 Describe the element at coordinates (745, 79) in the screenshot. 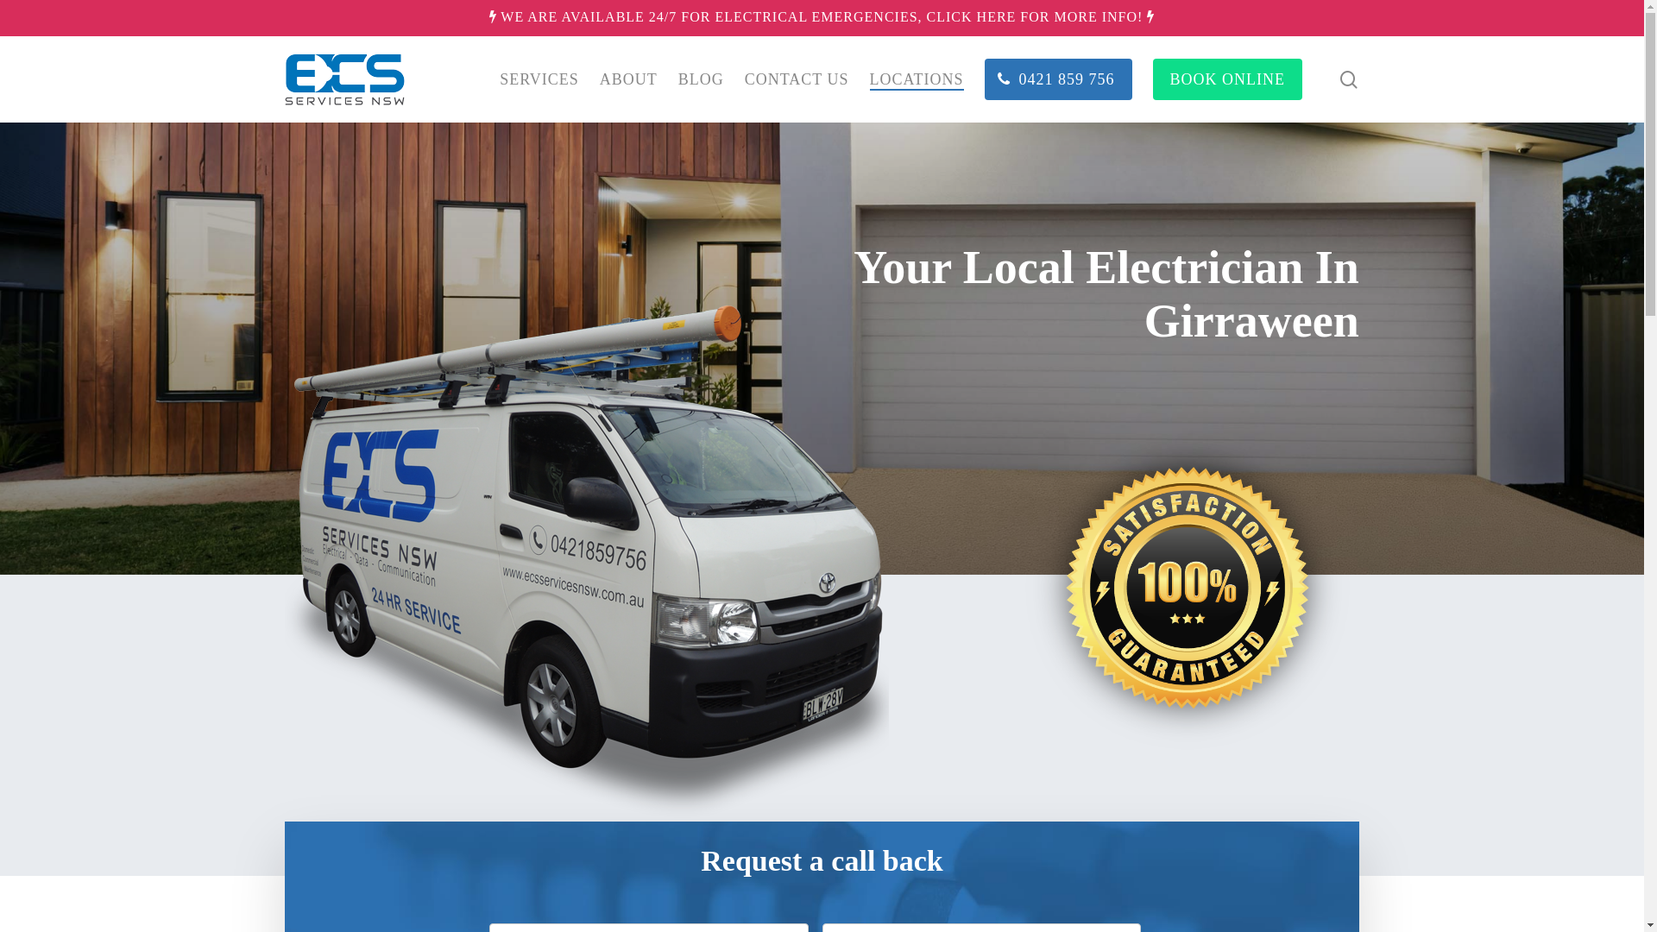

I see `'CONTACT US'` at that location.